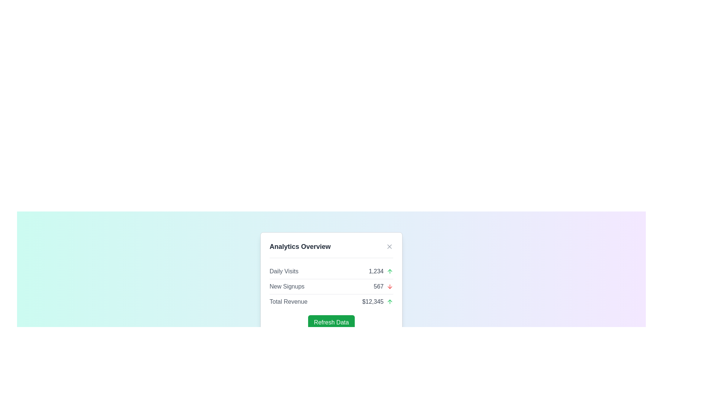 Image resolution: width=711 pixels, height=400 pixels. Describe the element at coordinates (331, 322) in the screenshot. I see `the green 'Refresh Data' button located at the bottom center of the 'Analytics Overview' card` at that location.